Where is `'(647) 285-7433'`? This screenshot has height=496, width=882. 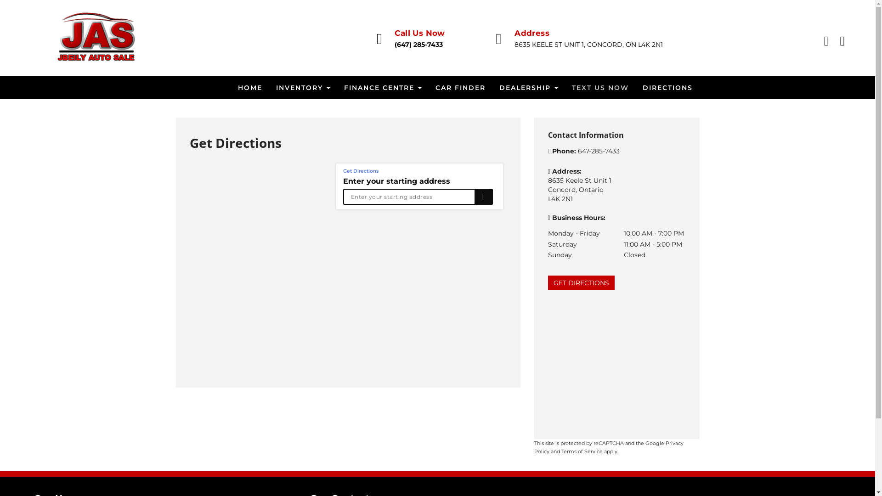 '(647) 285-7433' is located at coordinates (395, 44).